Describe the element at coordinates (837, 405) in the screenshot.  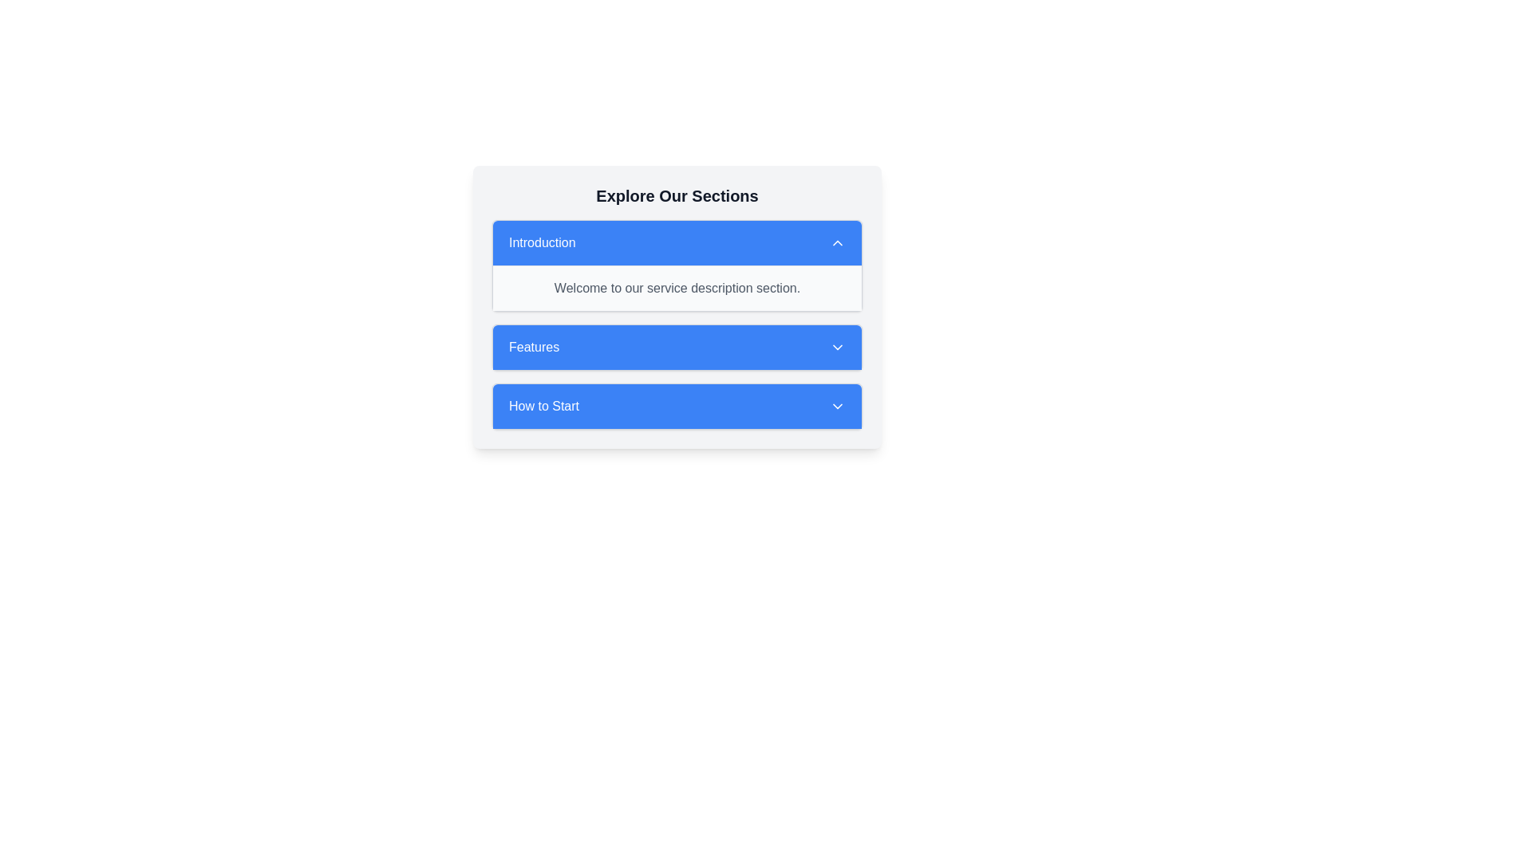
I see `the downward-facing arrow icon located at the bottom-right corner of the 'How` at that location.